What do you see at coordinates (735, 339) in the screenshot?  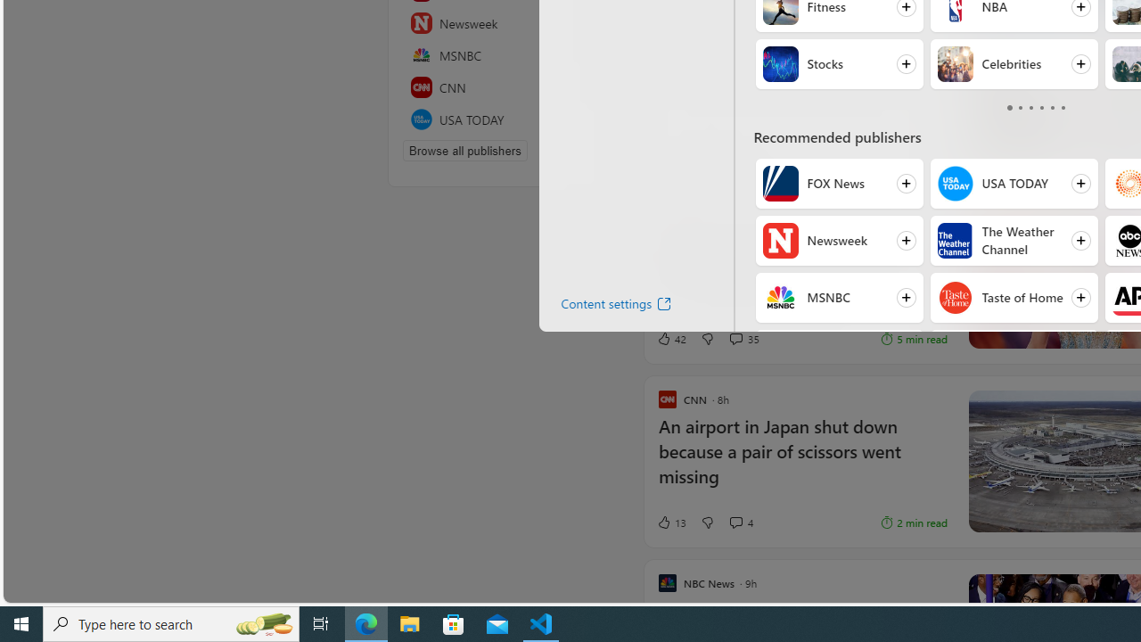 I see `'View comments 35 Comment'` at bounding box center [735, 339].